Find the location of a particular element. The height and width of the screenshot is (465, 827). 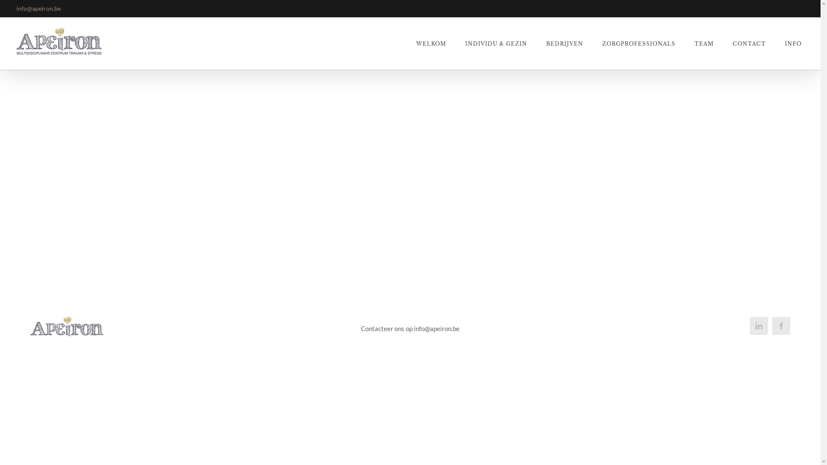

'BEDRIJVEN' is located at coordinates (564, 43).